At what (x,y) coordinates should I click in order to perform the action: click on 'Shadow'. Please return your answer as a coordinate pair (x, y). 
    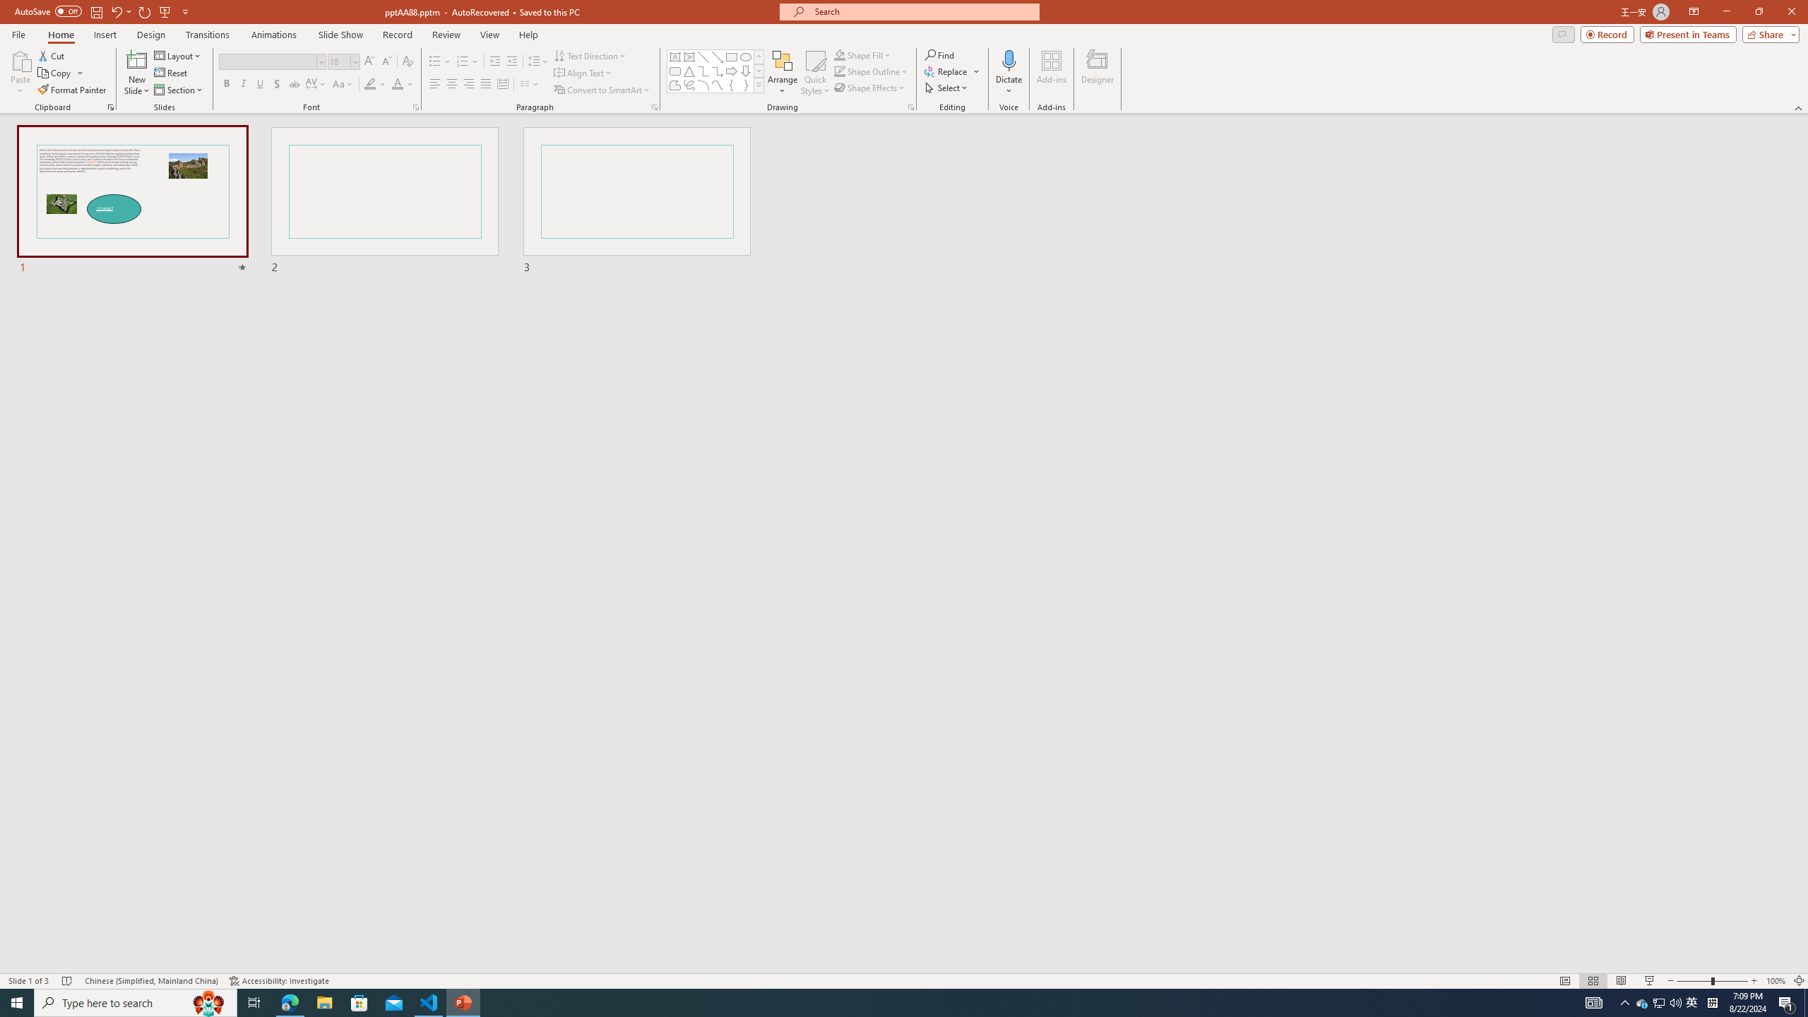
    Looking at the image, I should click on (276, 83).